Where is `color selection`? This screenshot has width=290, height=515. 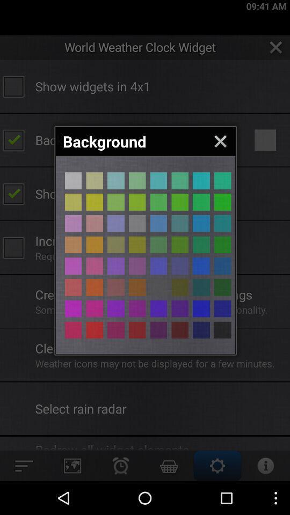
color selection is located at coordinates (201, 245).